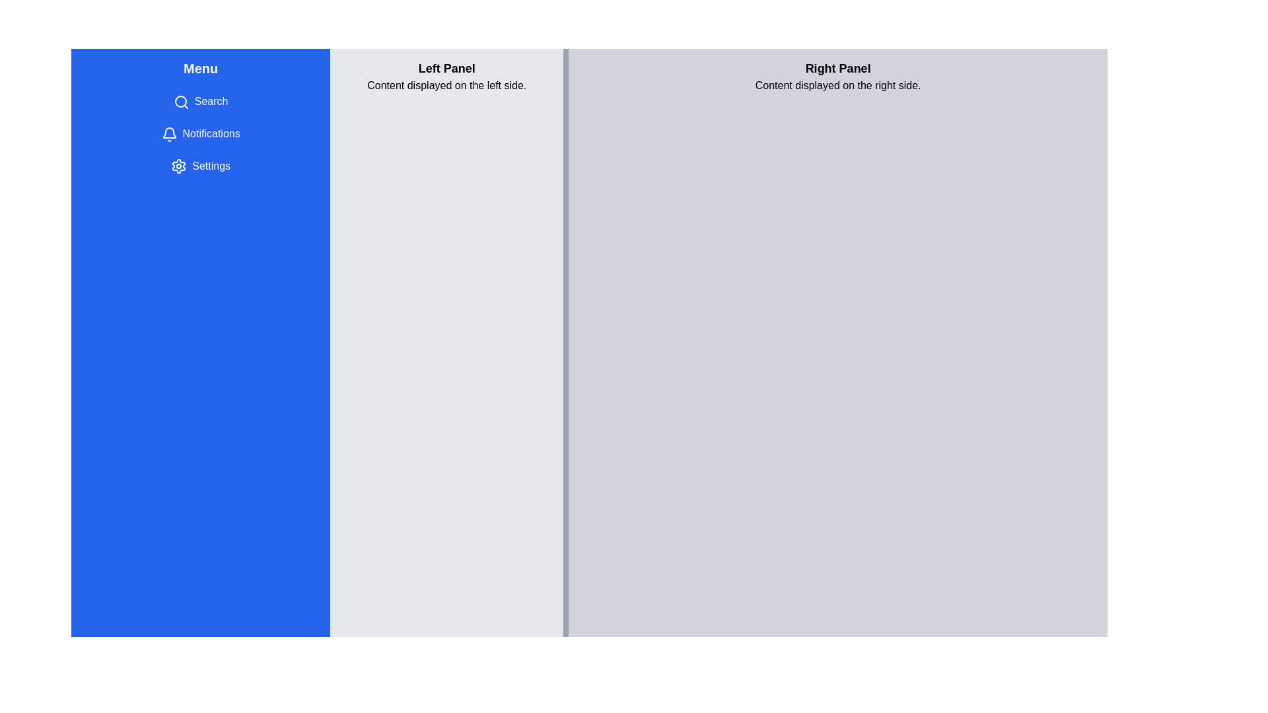 The image size is (1268, 713). What do you see at coordinates (178, 166) in the screenshot?
I see `the circular gear or settings icon located in the blue sidebar menu, which is positioned directly to the left of the text 'Settings'` at bounding box center [178, 166].